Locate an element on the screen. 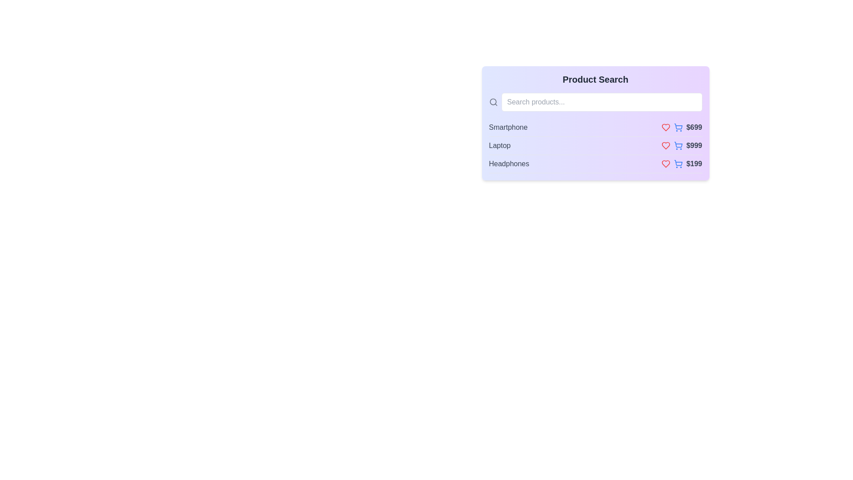  text label displaying 'Laptop' which is positioned below 'Smartphone' and to the left of the price and icon elements is located at coordinates (499, 145).